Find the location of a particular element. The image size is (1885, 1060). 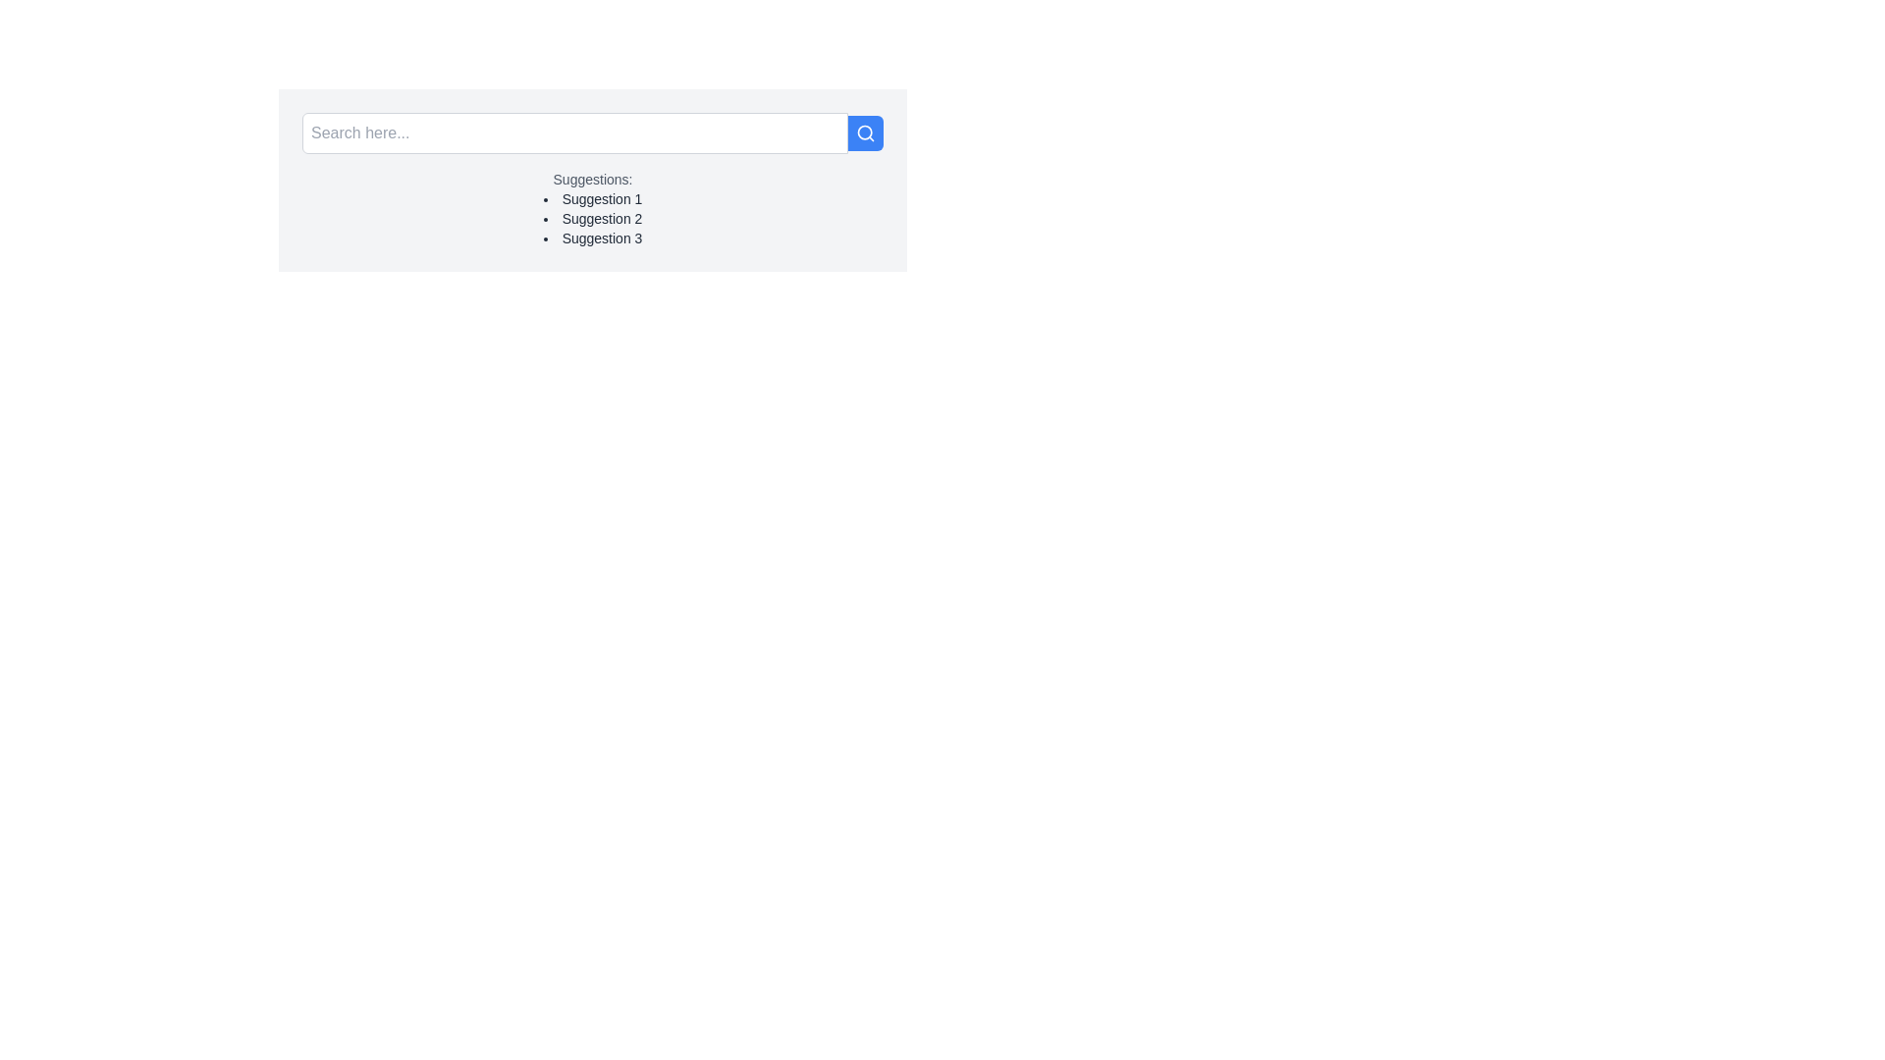

text content of the first suggestion list item located below the 'Suggestions:' label is located at coordinates (592, 199).